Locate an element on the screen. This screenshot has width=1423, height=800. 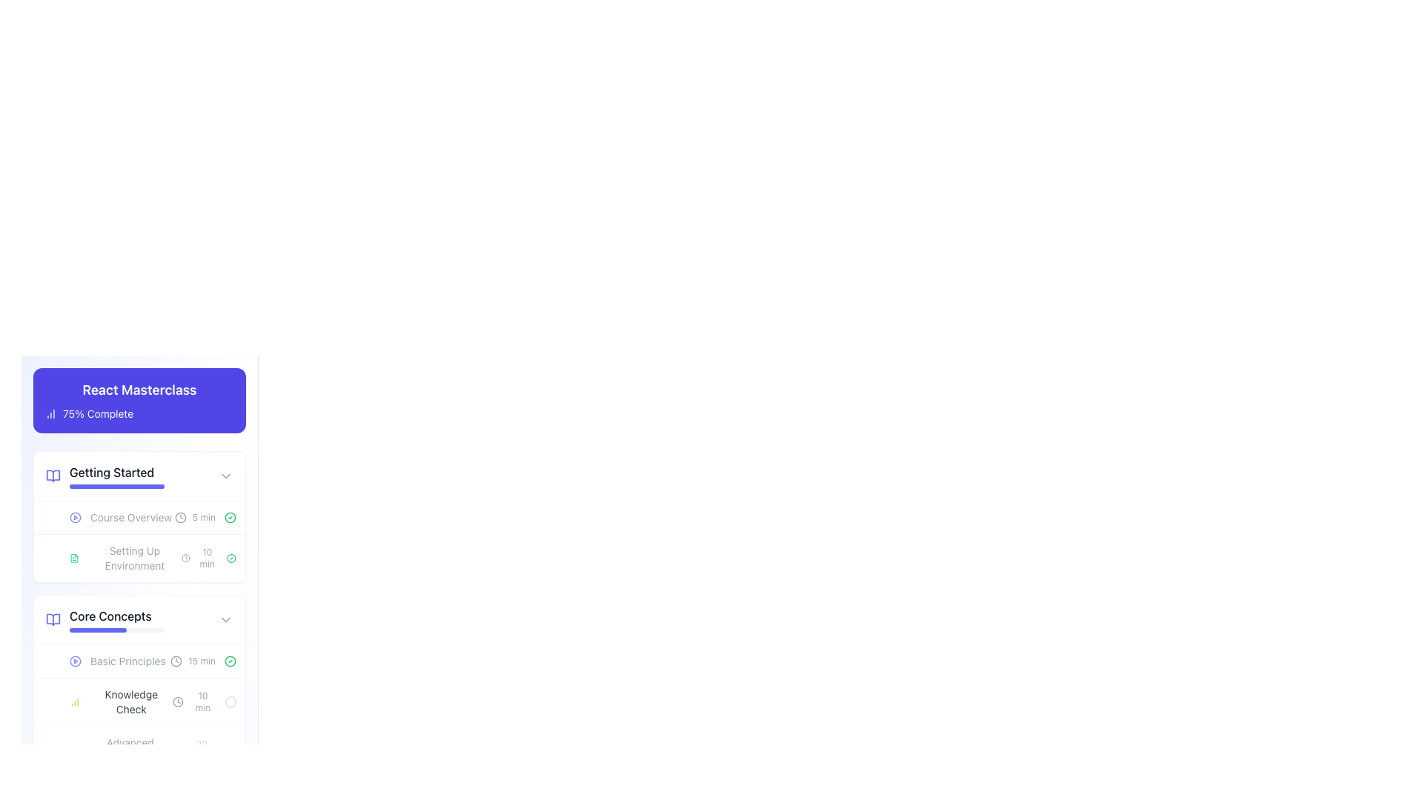
the educational item is located at coordinates (139, 541).